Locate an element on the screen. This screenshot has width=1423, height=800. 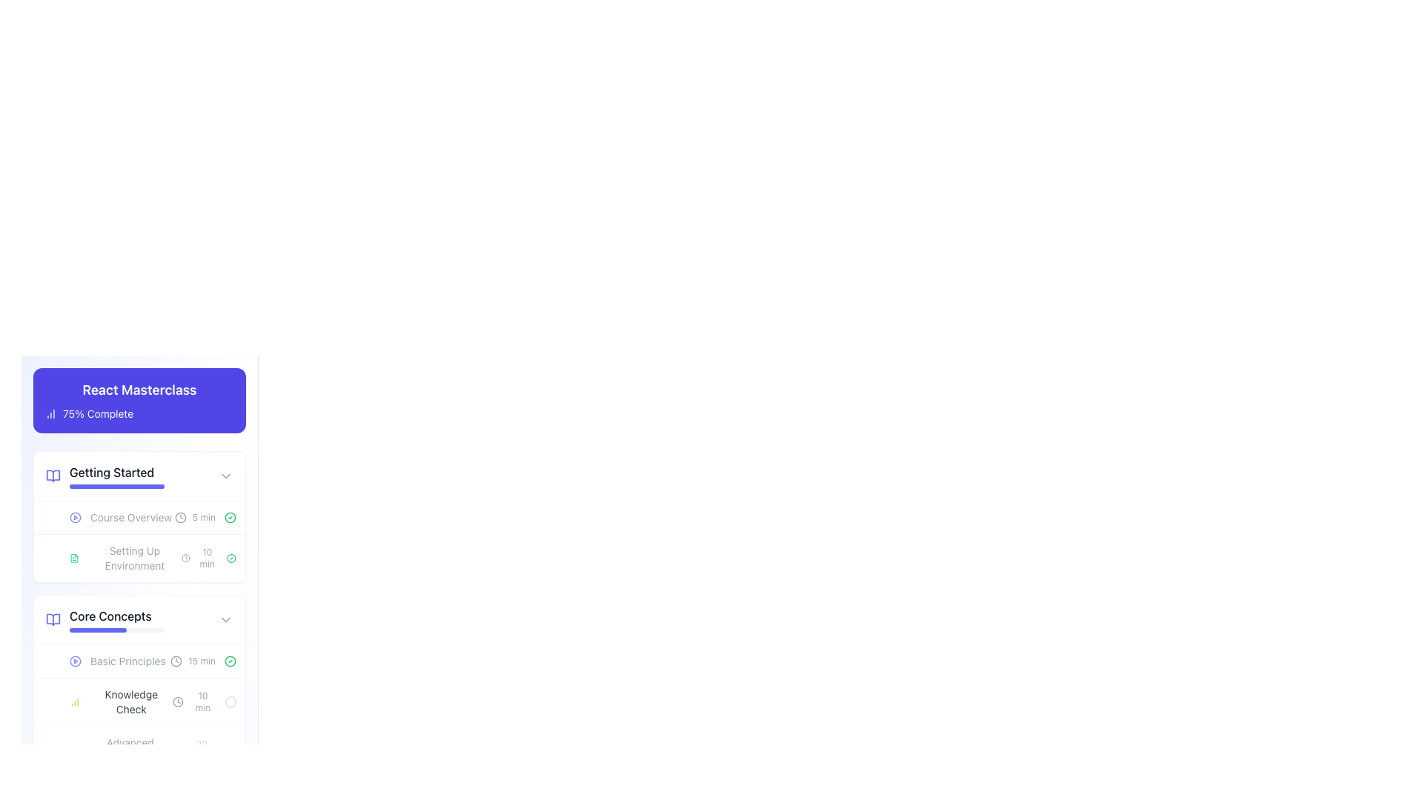
the educational item is located at coordinates (139, 541).